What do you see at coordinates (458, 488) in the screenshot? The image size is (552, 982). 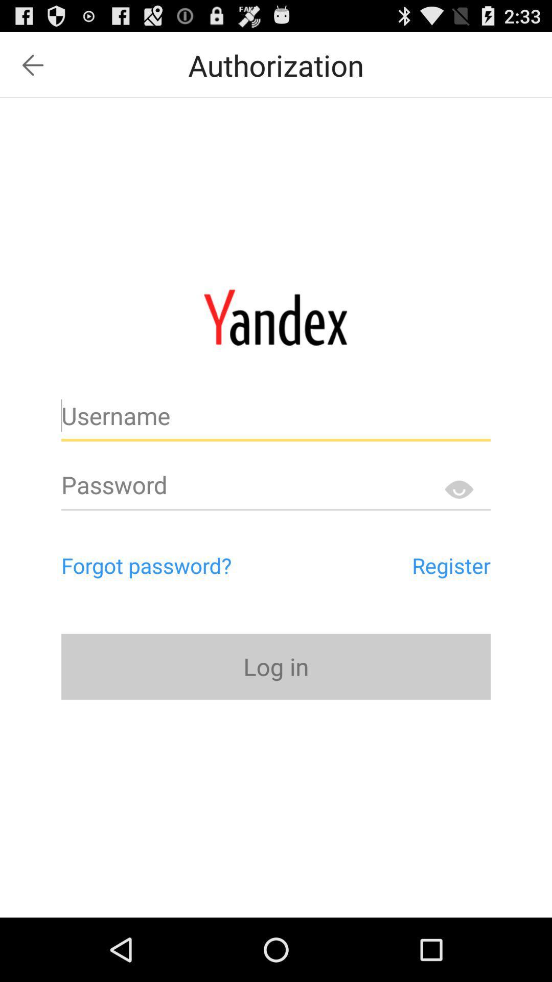 I see `encrypted password` at bounding box center [458, 488].